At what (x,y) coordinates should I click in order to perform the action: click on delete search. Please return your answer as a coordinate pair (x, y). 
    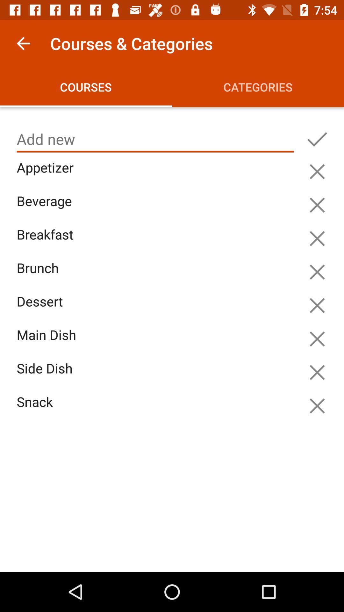
    Looking at the image, I should click on (317, 205).